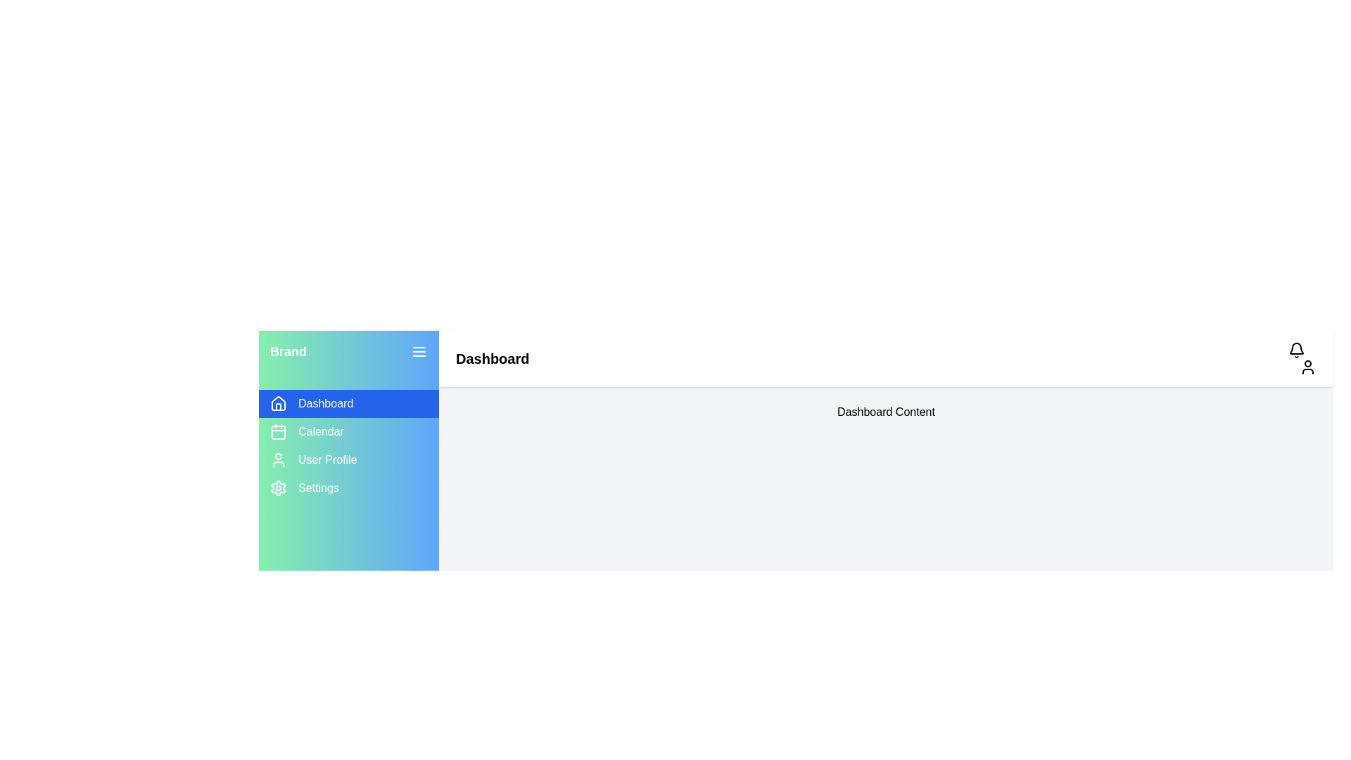  I want to click on the house-shaped icon with a blue background and white outline representing the 'Dashboard' section in the left navigation panel, so click(278, 404).